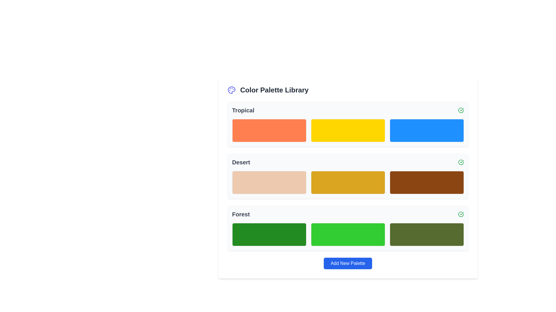 The image size is (556, 312). Describe the element at coordinates (348, 183) in the screenshot. I see `the golden color swatch in the middle of the row within the 'Desert' palette section` at that location.